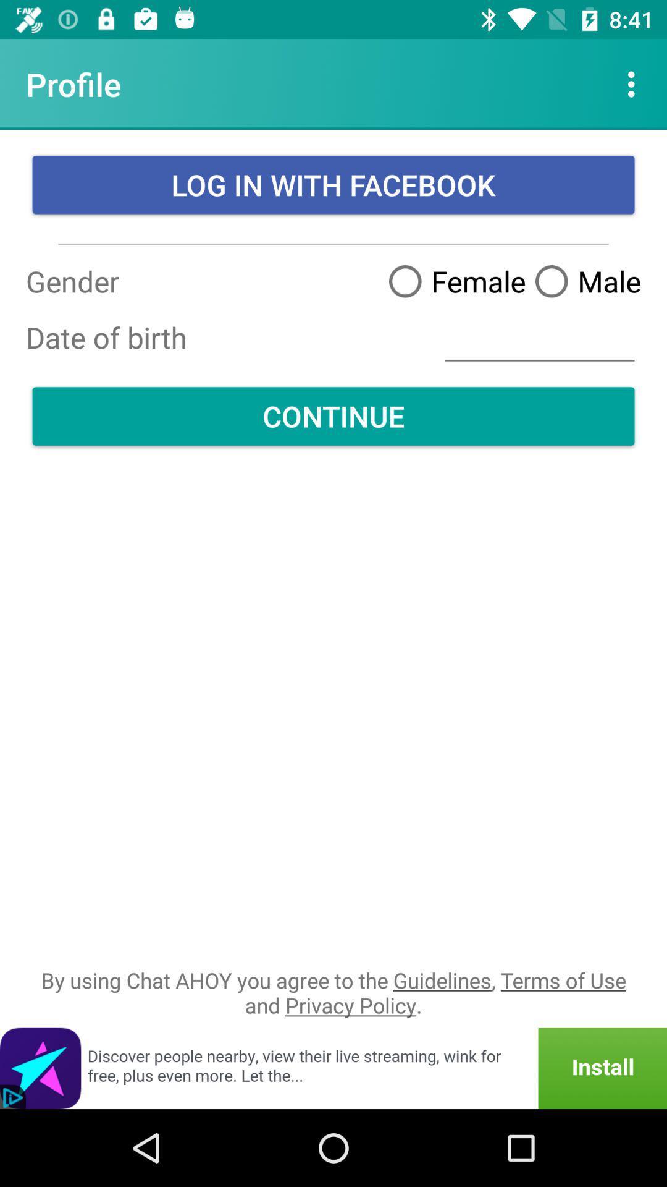 This screenshot has height=1187, width=667. Describe the element at coordinates (333, 184) in the screenshot. I see `the log in with` at that location.